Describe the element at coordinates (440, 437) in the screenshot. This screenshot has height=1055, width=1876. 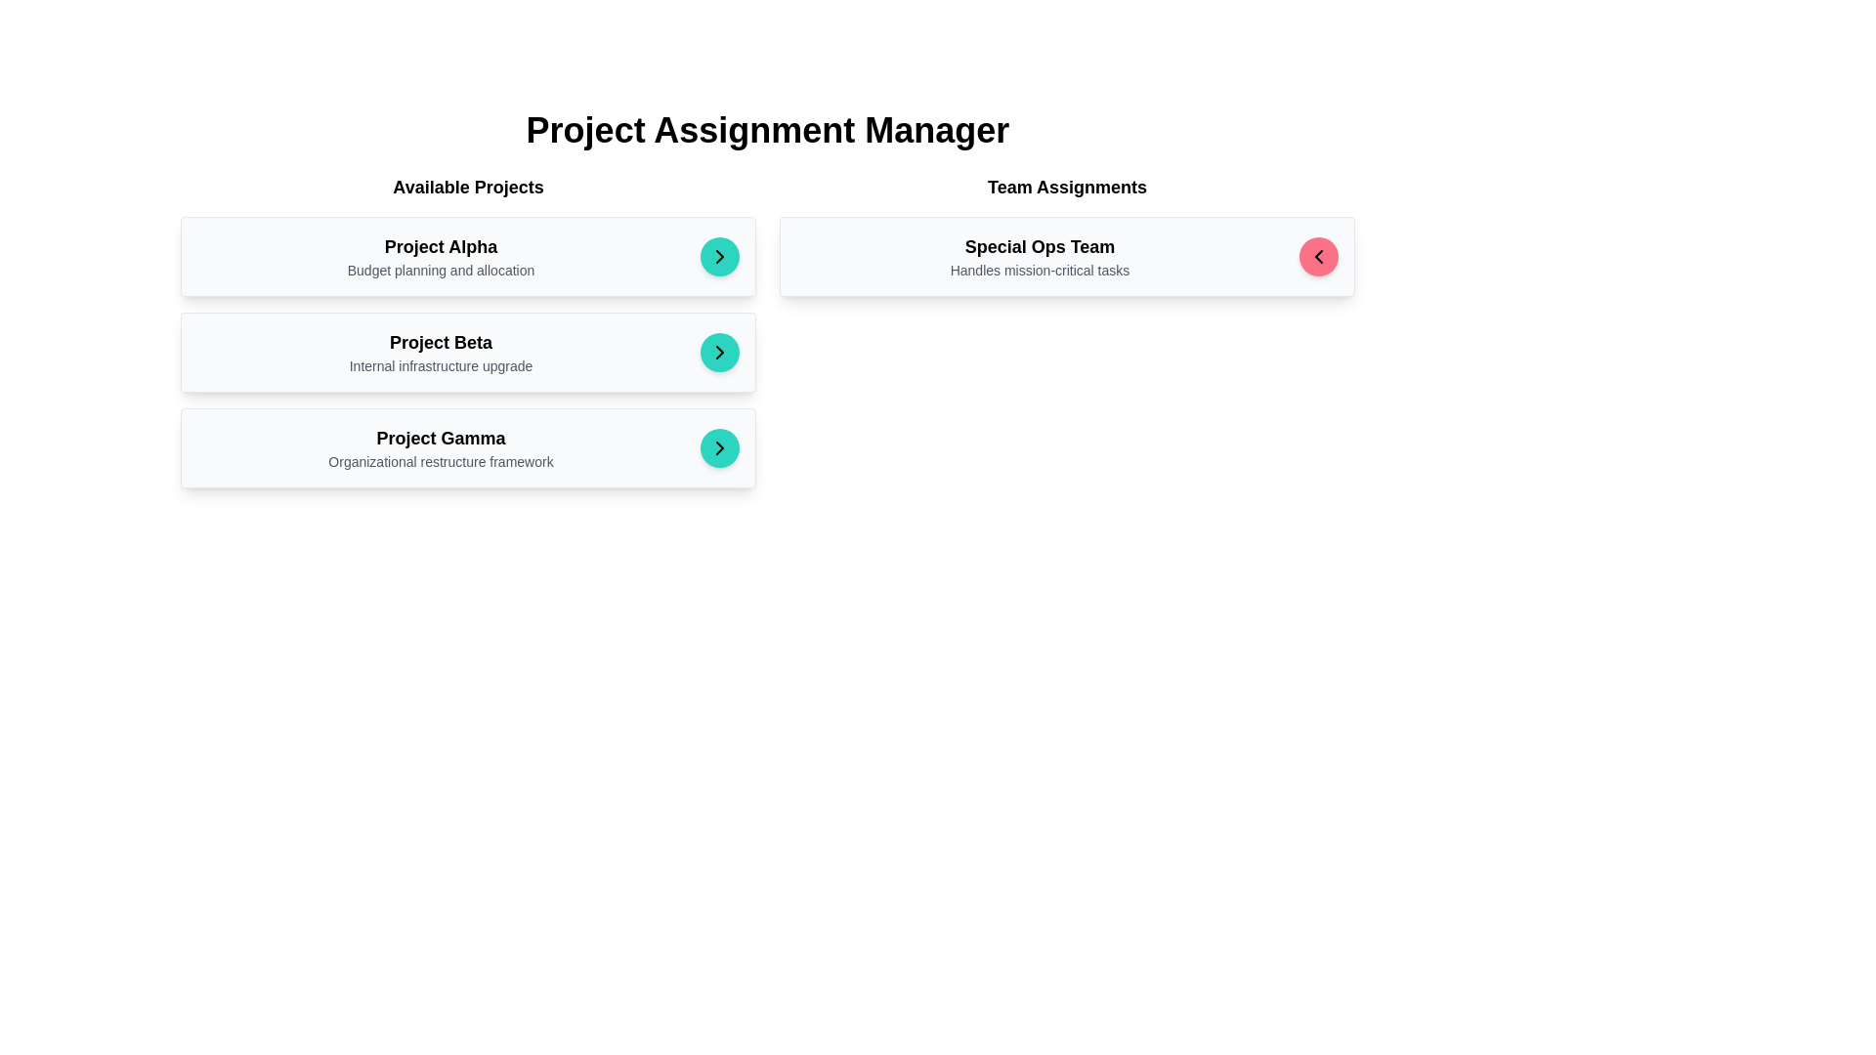
I see `the static text that reads 'Project Gamma' in the third row of the 'Available Projects' section` at that location.